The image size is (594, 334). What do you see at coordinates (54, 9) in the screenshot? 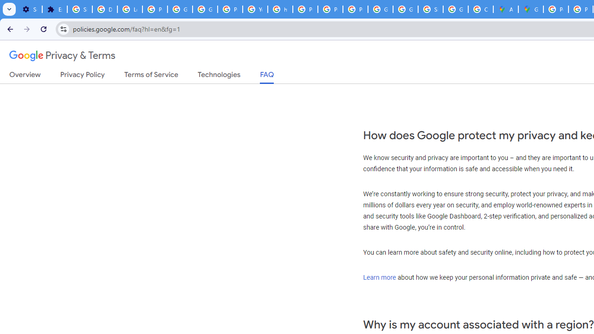
I see `'Extensions'` at bounding box center [54, 9].